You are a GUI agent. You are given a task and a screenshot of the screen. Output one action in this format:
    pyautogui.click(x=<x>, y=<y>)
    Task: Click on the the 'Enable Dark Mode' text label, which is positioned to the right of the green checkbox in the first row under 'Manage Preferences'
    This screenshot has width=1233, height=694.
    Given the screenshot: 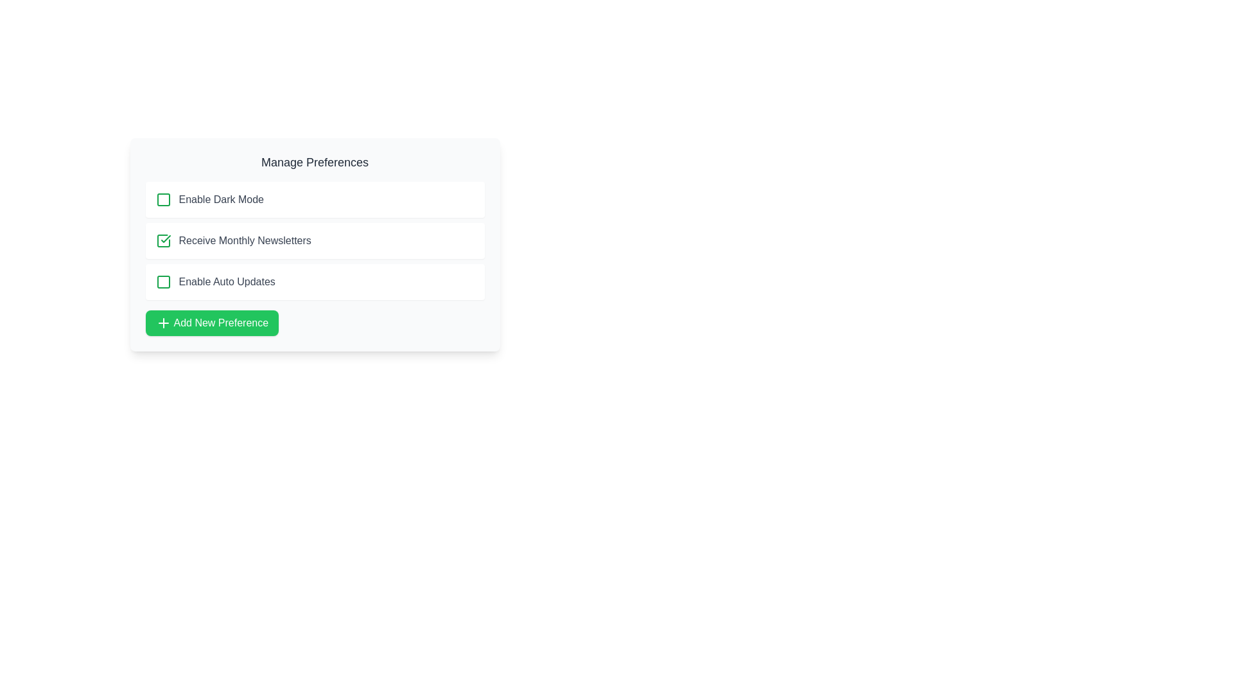 What is the action you would take?
    pyautogui.click(x=221, y=200)
    